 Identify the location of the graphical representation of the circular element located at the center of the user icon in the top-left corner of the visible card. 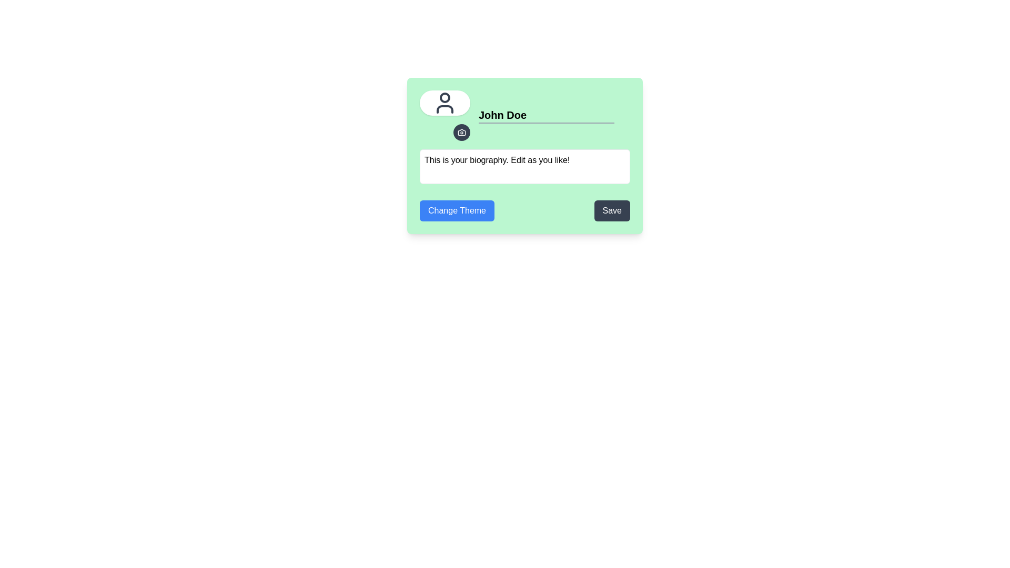
(445, 97).